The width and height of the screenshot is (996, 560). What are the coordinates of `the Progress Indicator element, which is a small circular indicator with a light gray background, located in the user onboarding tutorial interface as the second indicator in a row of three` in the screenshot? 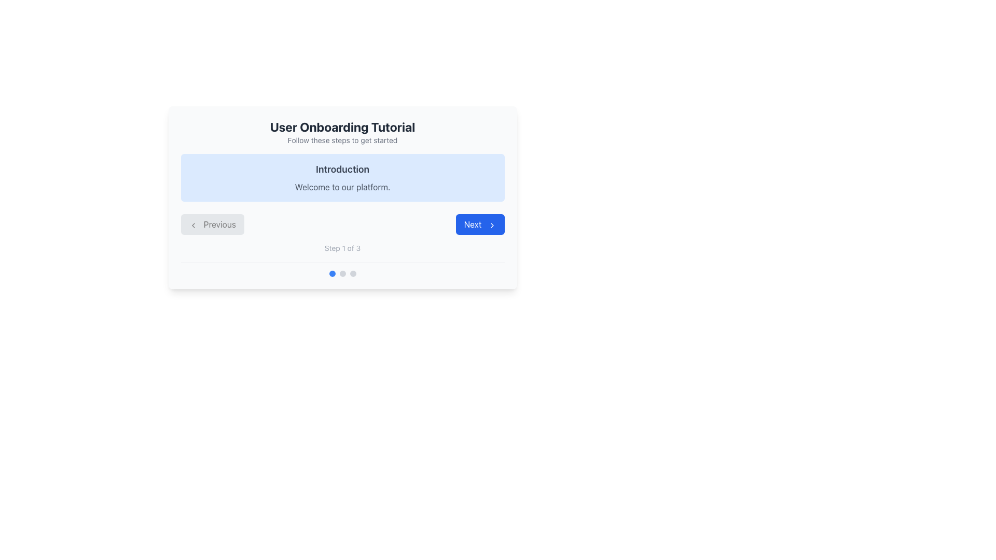 It's located at (342, 273).